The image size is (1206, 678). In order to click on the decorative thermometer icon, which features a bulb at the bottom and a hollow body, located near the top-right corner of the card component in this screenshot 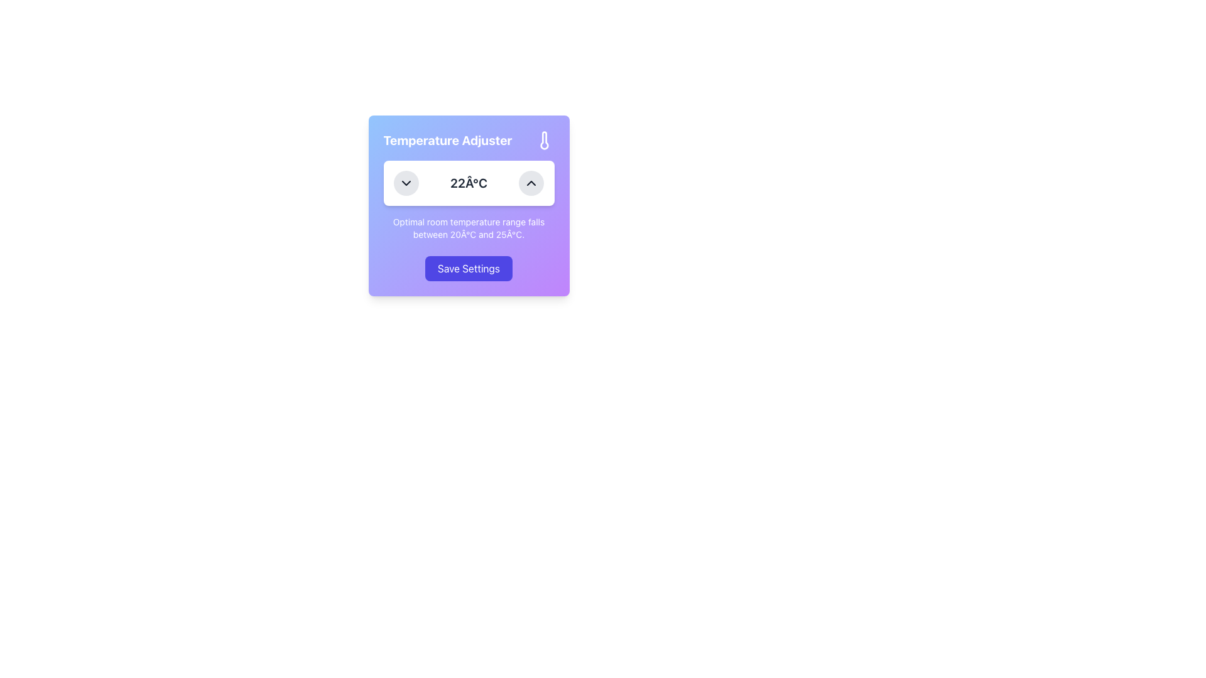, I will do `click(544, 140)`.